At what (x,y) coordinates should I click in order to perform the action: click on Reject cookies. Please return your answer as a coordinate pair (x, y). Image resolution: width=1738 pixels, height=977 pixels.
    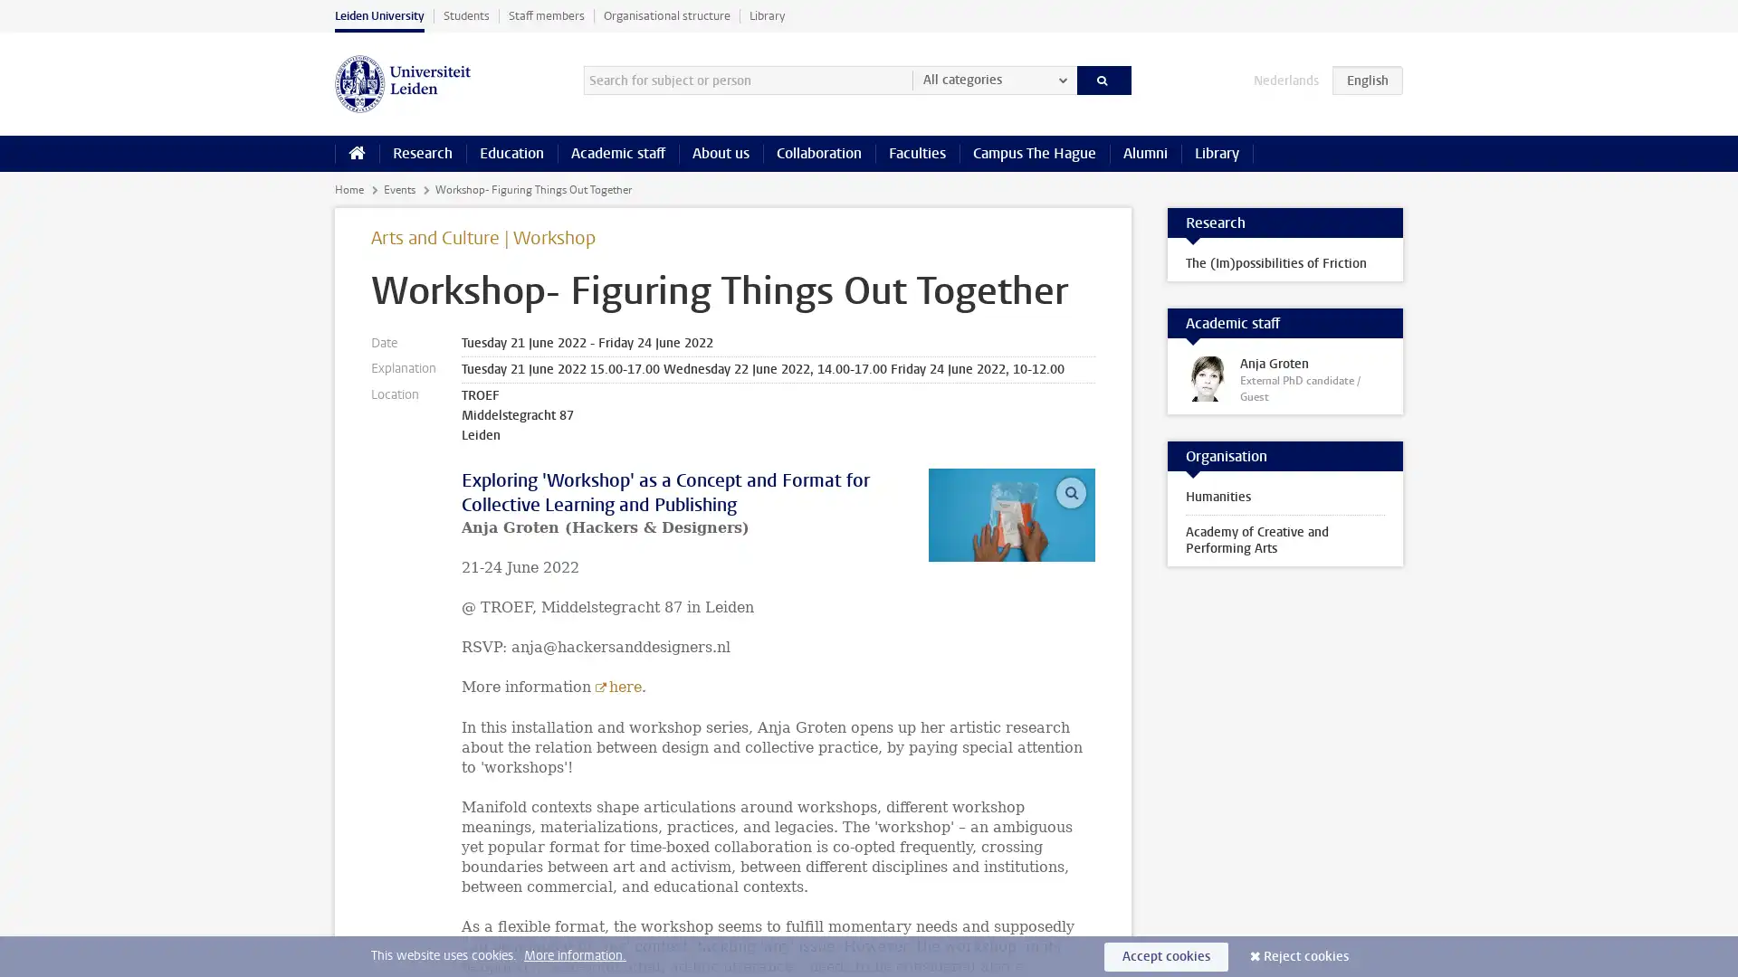
    Looking at the image, I should click on (1306, 955).